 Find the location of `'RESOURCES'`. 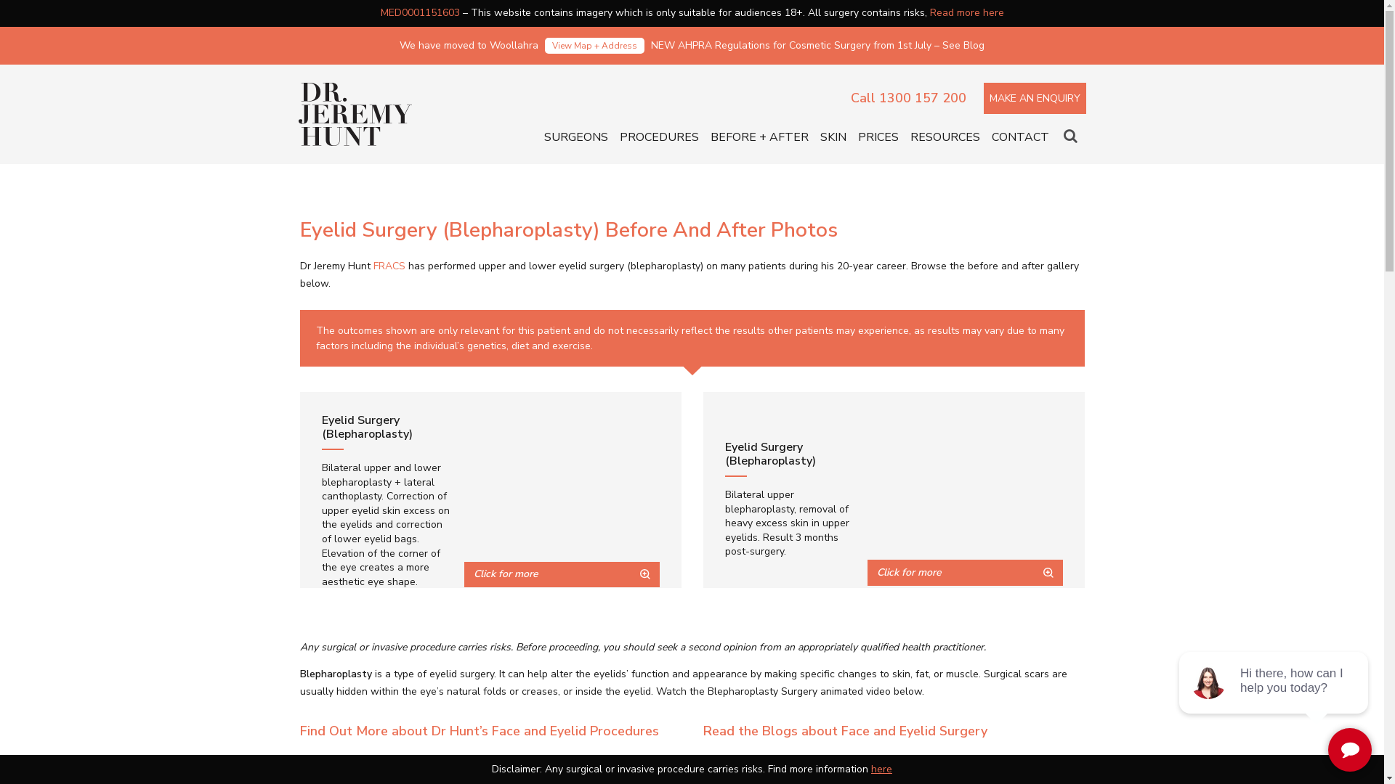

'RESOURCES' is located at coordinates (945, 137).